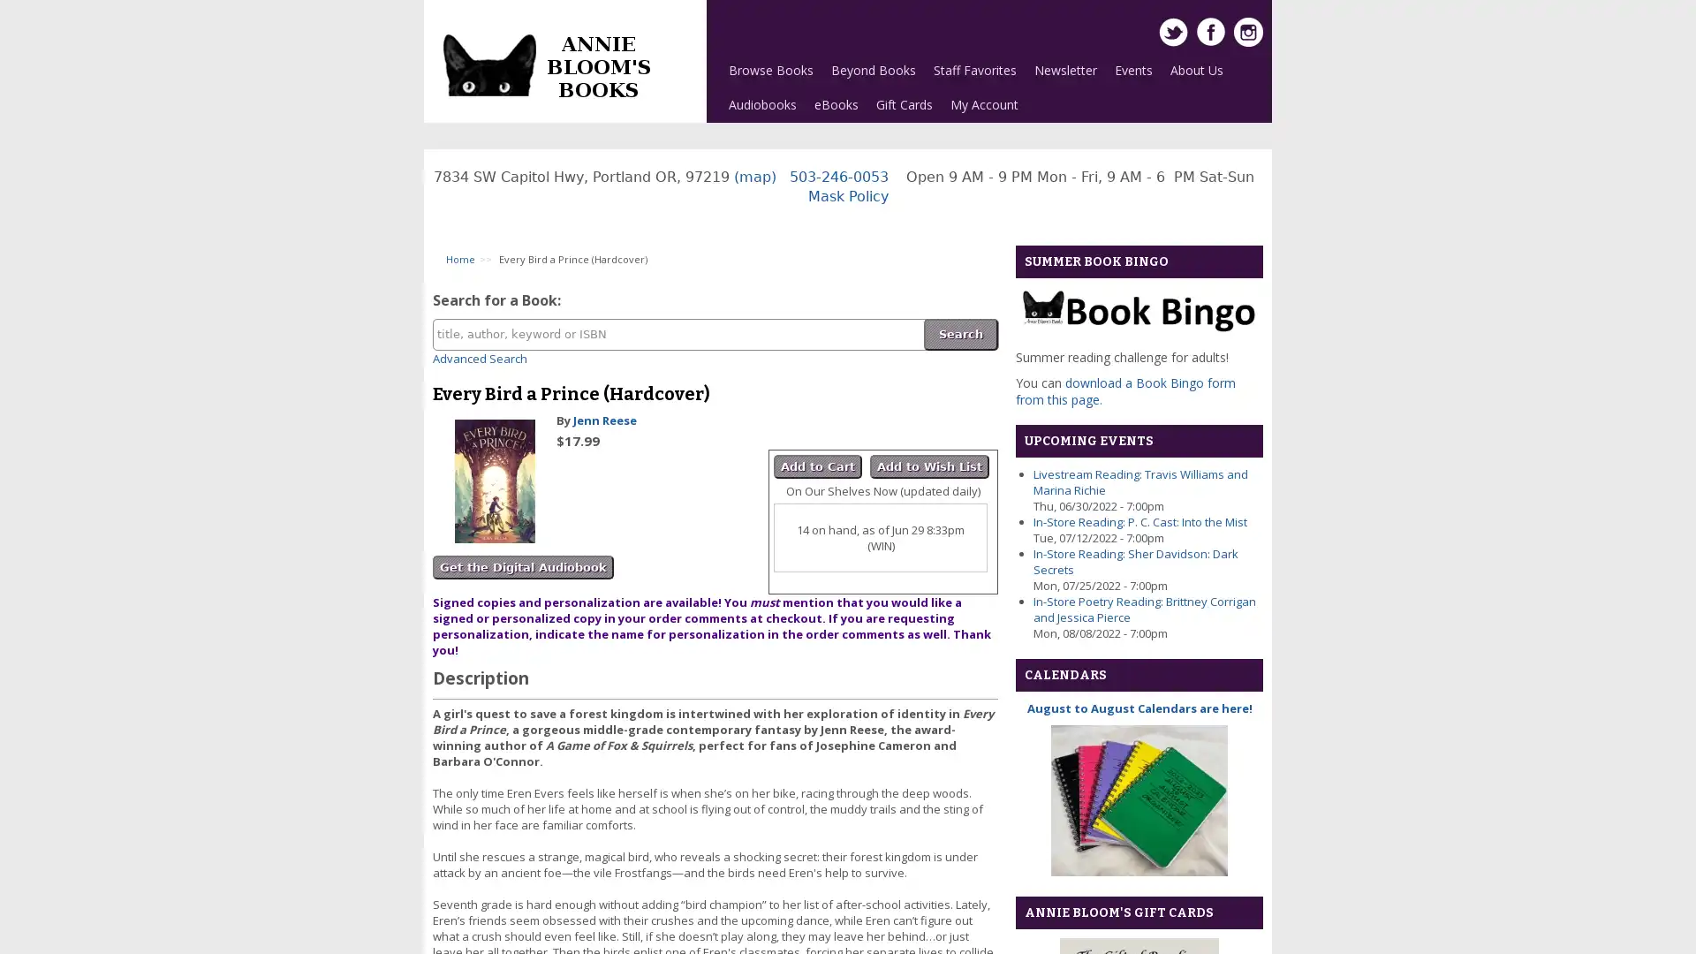  I want to click on Get the Digital Audiobook, so click(522, 567).